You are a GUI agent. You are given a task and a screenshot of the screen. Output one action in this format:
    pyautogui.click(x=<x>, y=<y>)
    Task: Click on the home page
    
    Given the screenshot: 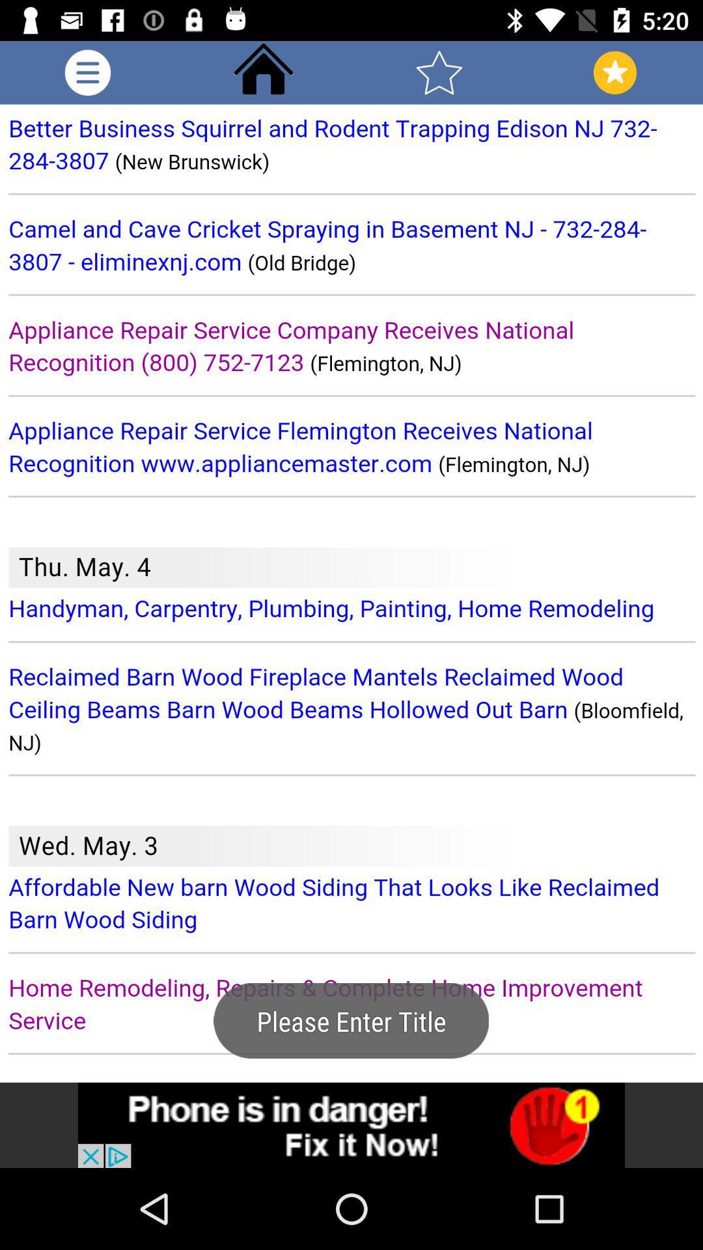 What is the action you would take?
    pyautogui.click(x=264, y=72)
    